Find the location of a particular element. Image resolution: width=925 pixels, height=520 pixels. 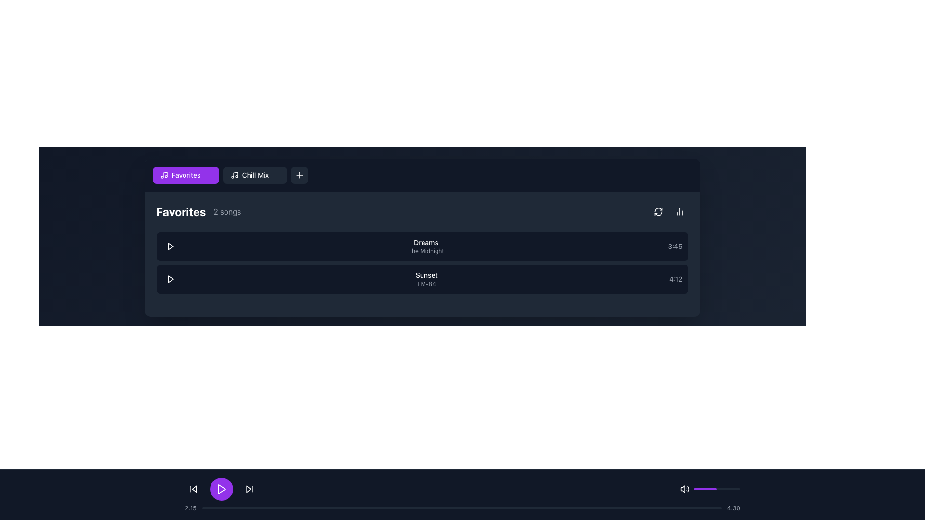

the button with a purple background, a white musical note icon, and the text 'Favorites' is located at coordinates (185, 175).